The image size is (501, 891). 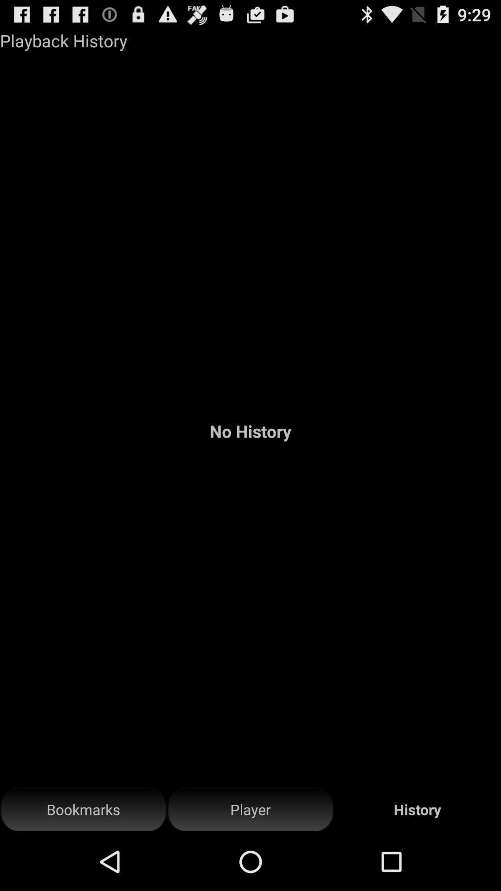 I want to click on icon next to history icon, so click(x=250, y=809).